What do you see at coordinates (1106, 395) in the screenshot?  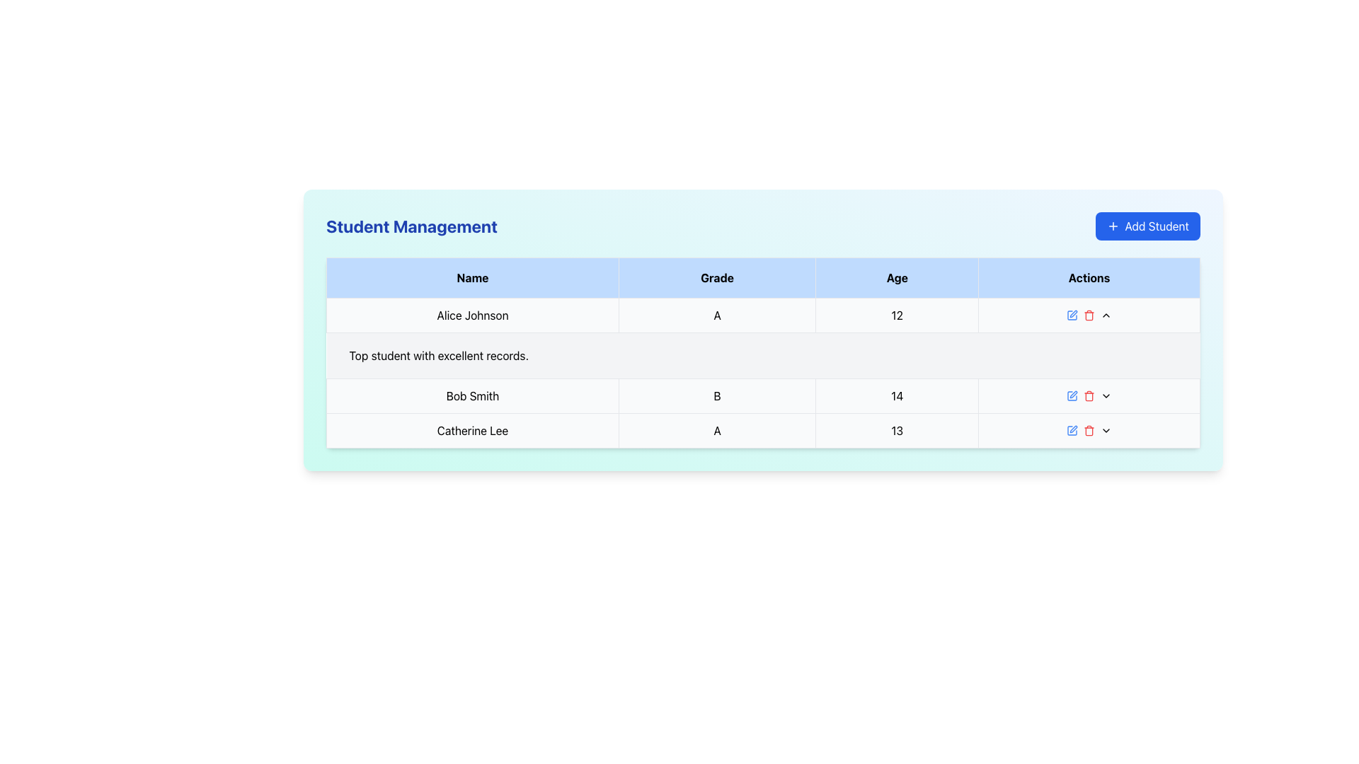 I see `the Dropdown trigger icon in the 'Actions' column for the 'Bob Smith' record` at bounding box center [1106, 395].